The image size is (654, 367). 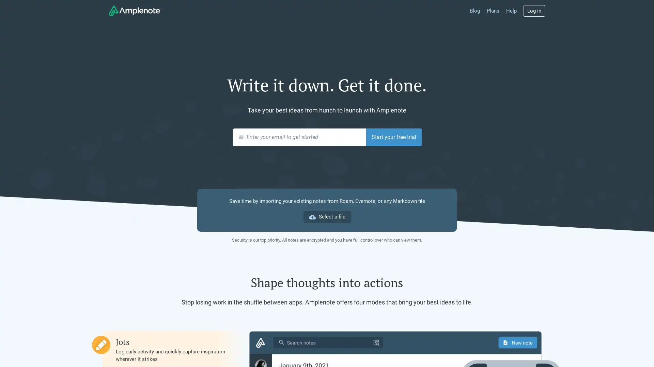 What do you see at coordinates (326, 216) in the screenshot?
I see `cloud_upload Select a file` at bounding box center [326, 216].